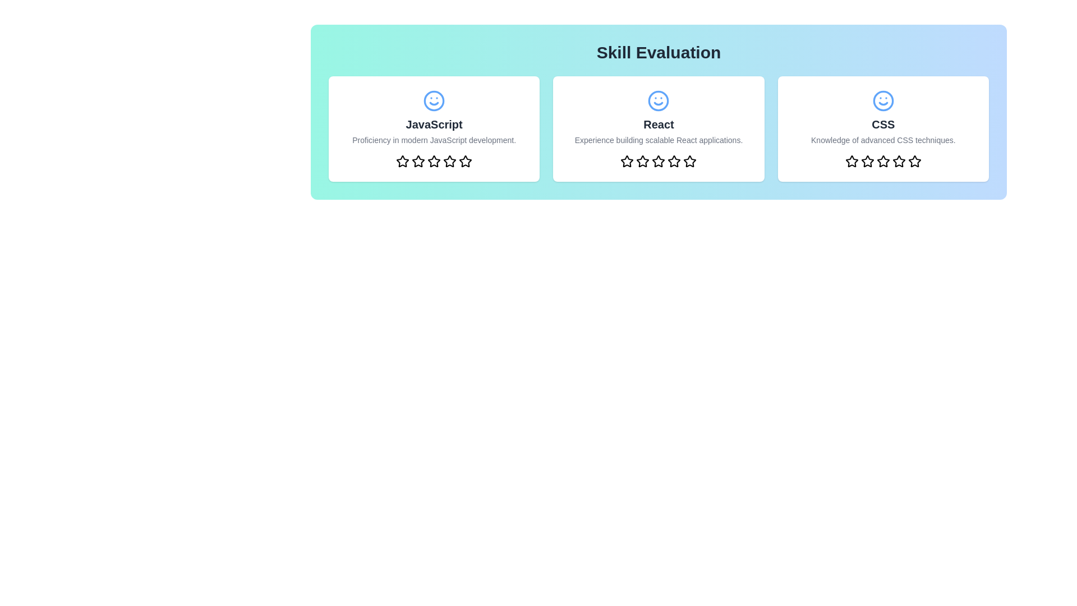 This screenshot has width=1077, height=606. Describe the element at coordinates (433, 128) in the screenshot. I see `the center of the JavaScript skill card to observe the hover effect` at that location.